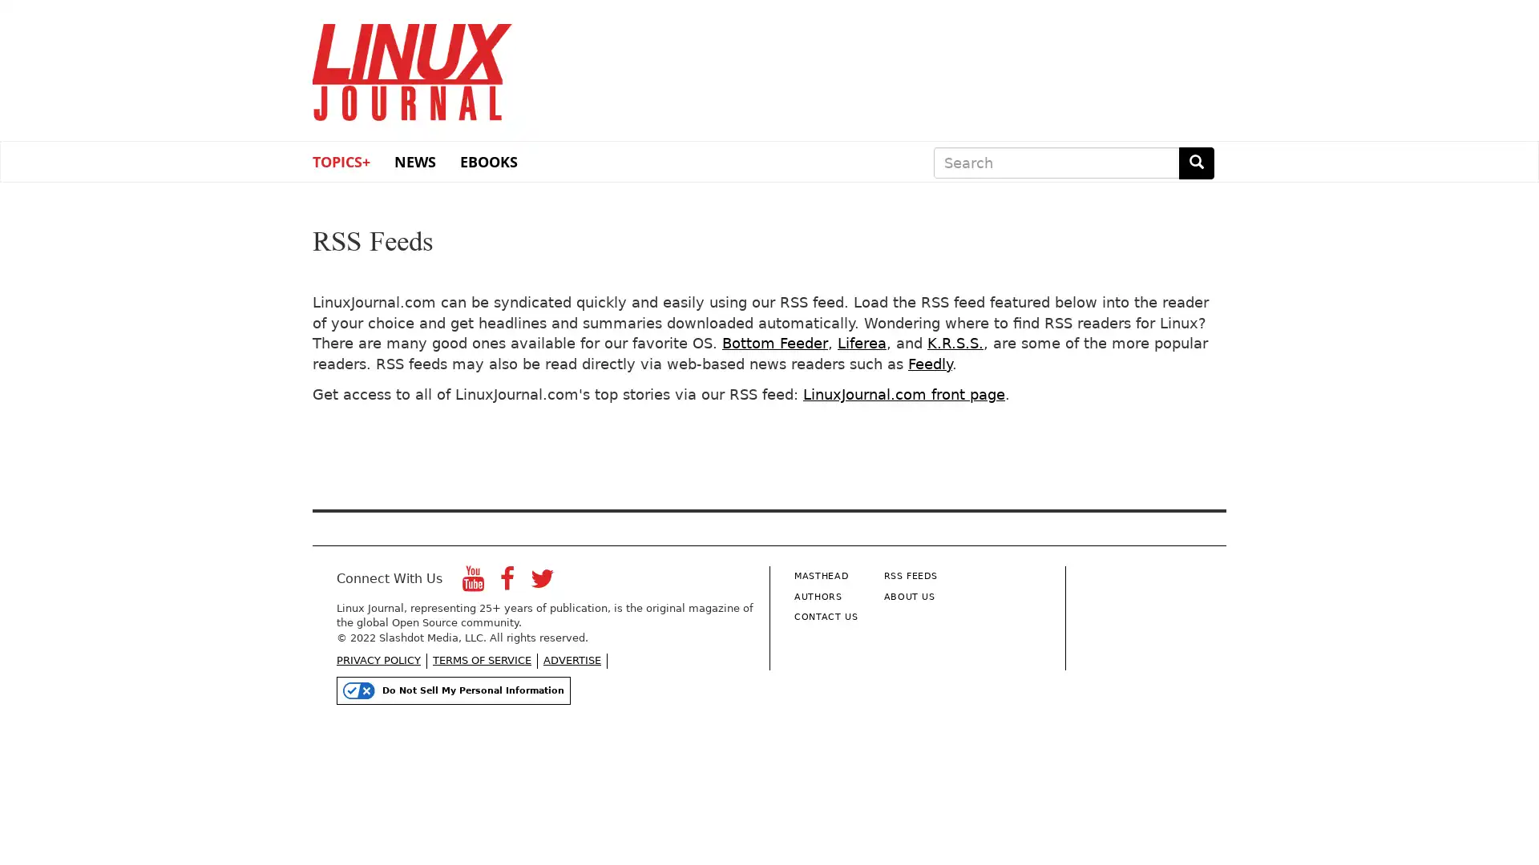 The image size is (1539, 865). I want to click on Search, so click(1196, 163).